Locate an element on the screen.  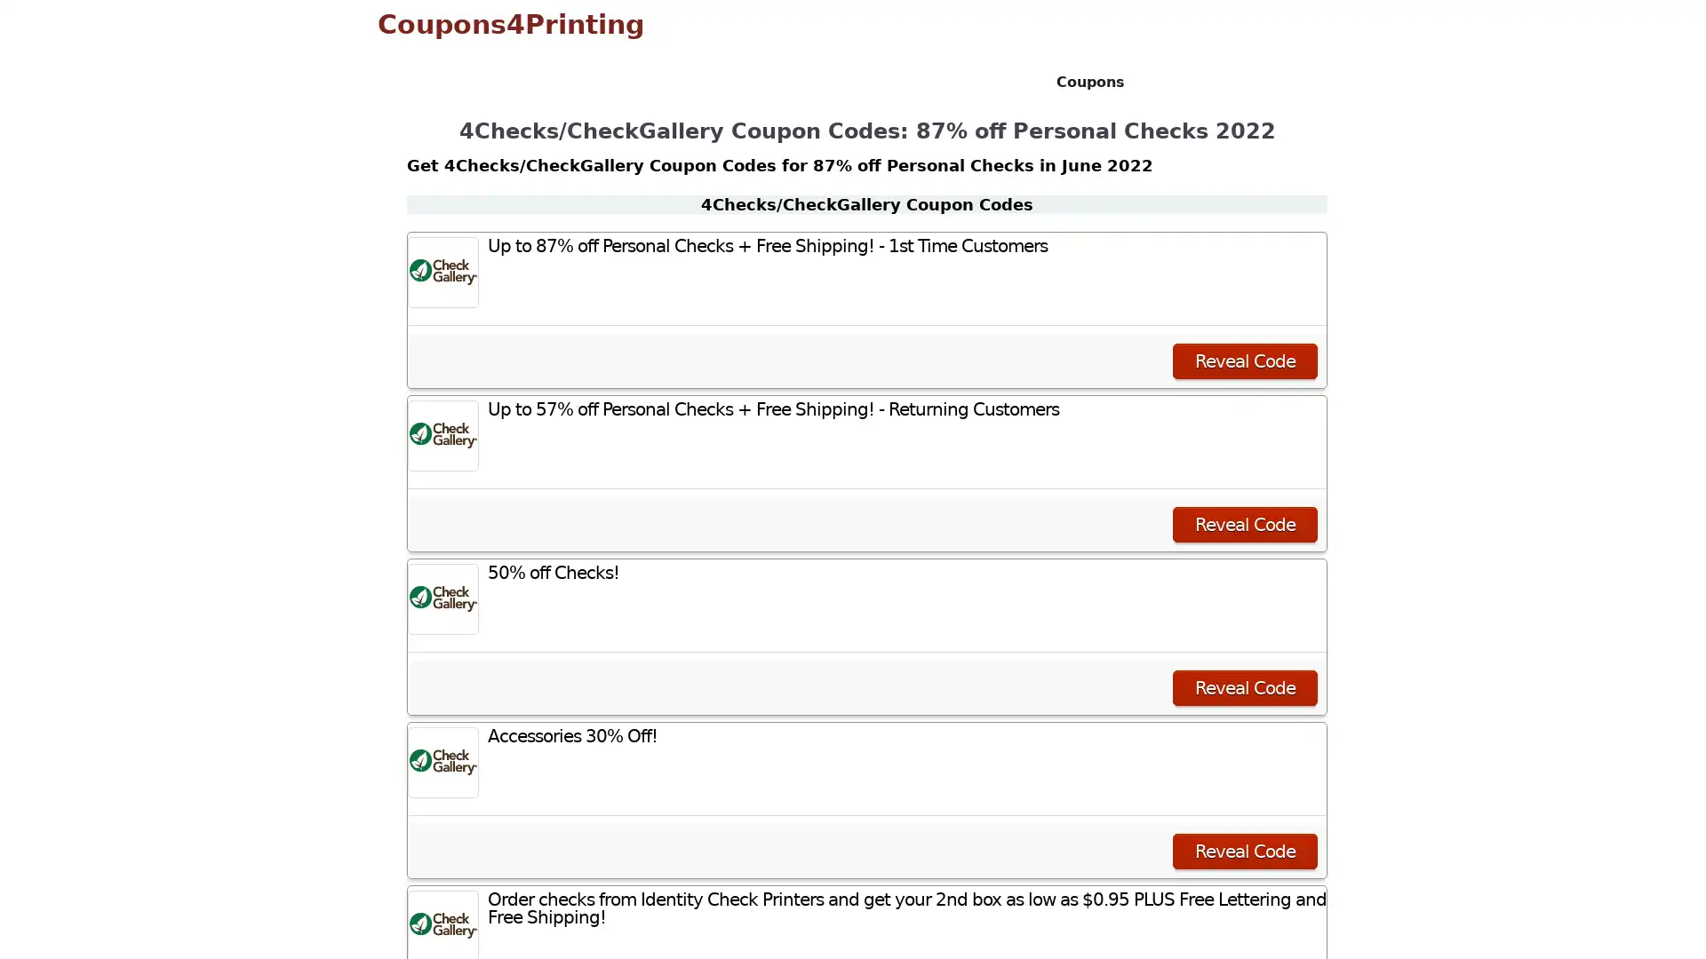
Reveal Code is located at coordinates (1244, 687).